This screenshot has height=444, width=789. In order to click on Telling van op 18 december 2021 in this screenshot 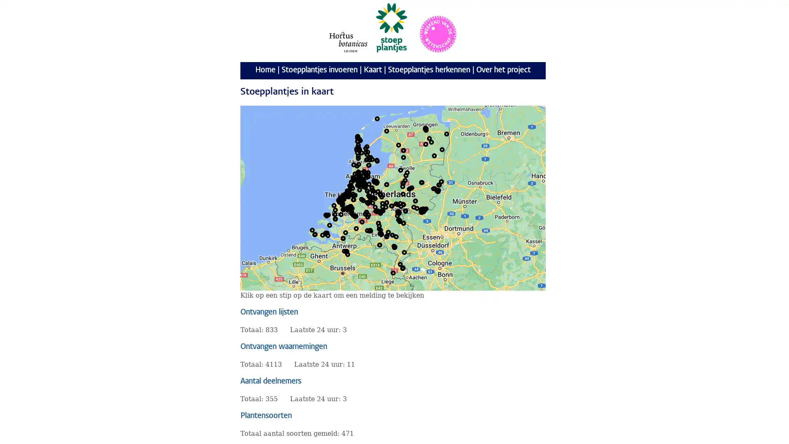, I will do `click(362, 182)`.